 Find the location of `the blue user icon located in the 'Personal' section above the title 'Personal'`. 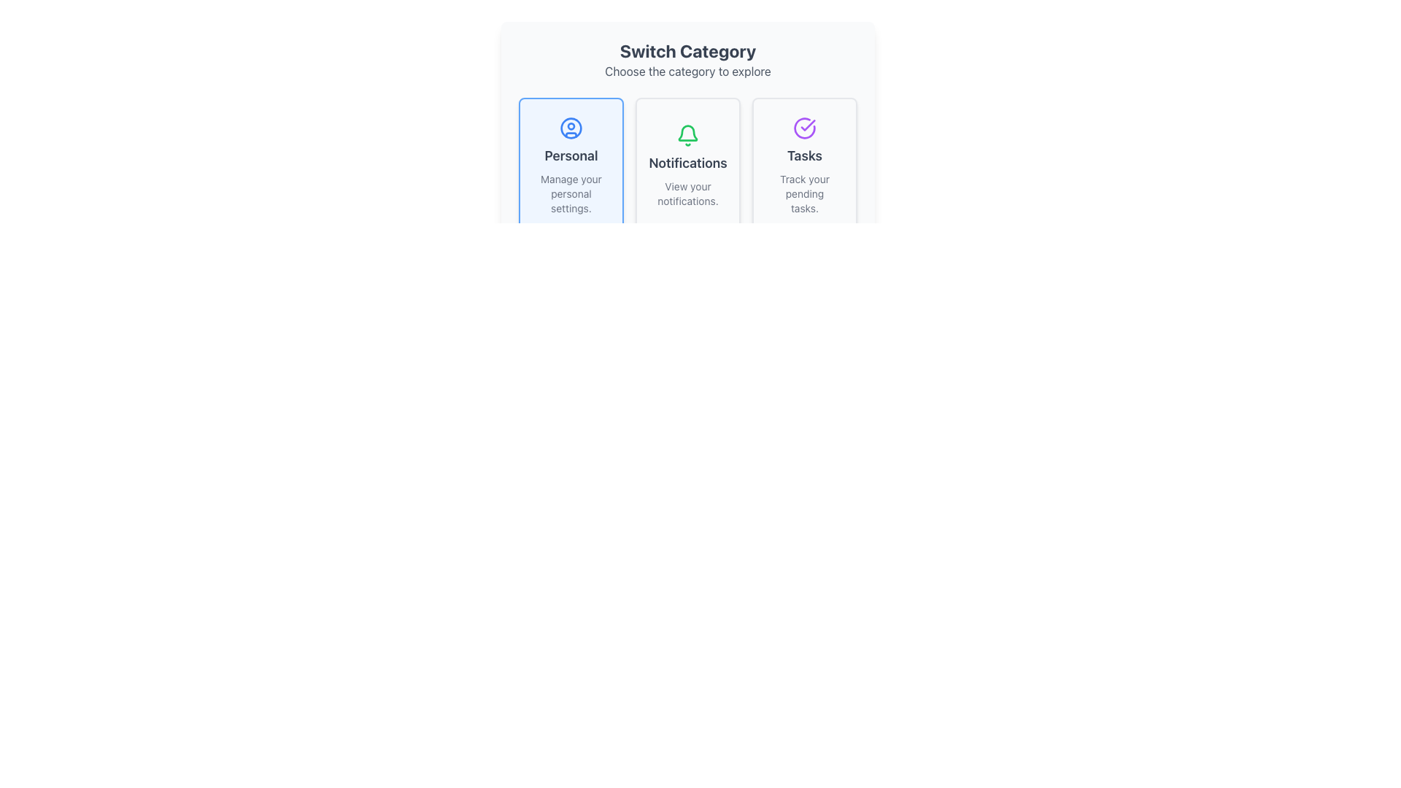

the blue user icon located in the 'Personal' section above the title 'Personal' is located at coordinates (570, 128).